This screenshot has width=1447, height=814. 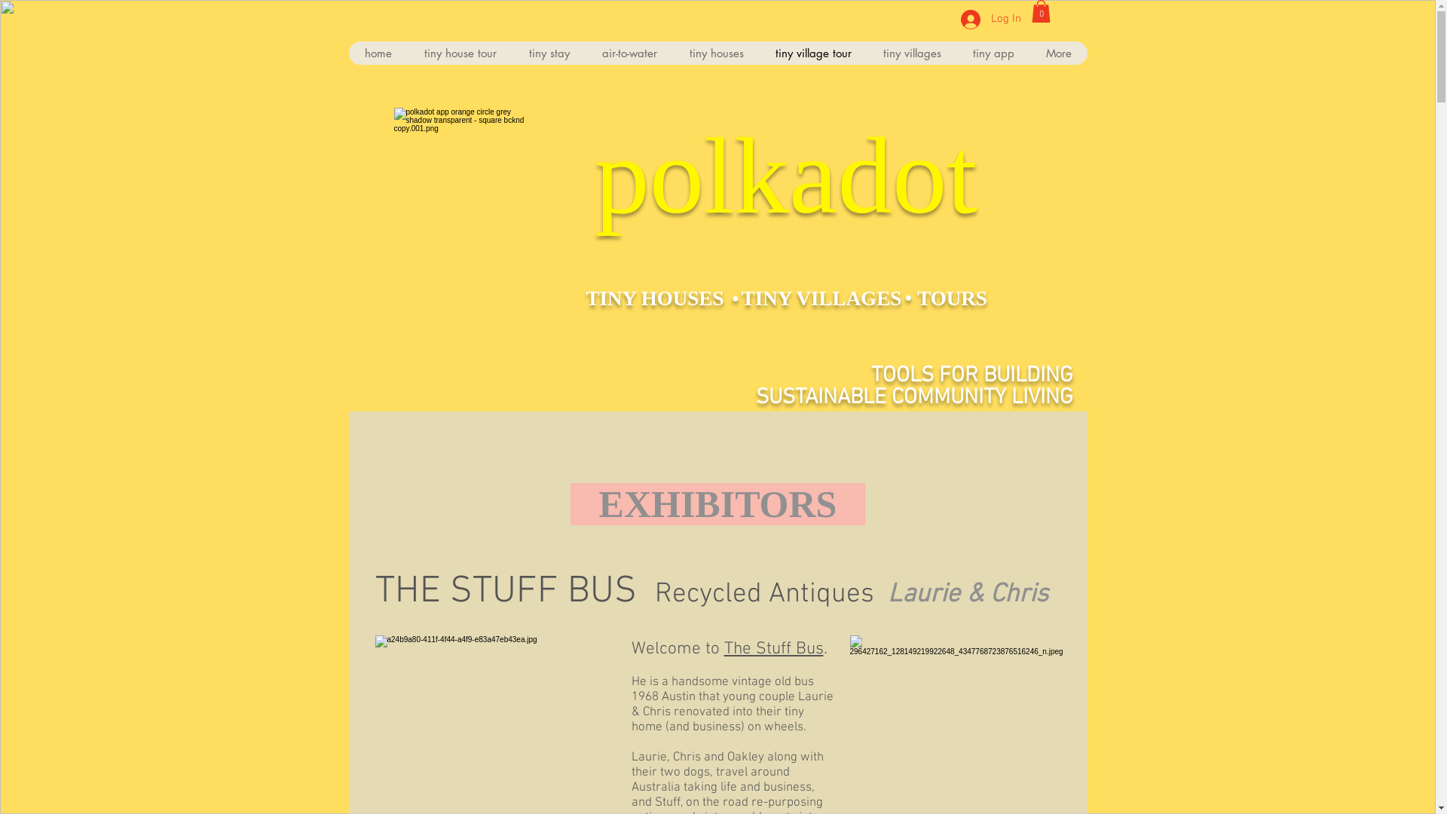 I want to click on 'air-to-water', so click(x=629, y=52).